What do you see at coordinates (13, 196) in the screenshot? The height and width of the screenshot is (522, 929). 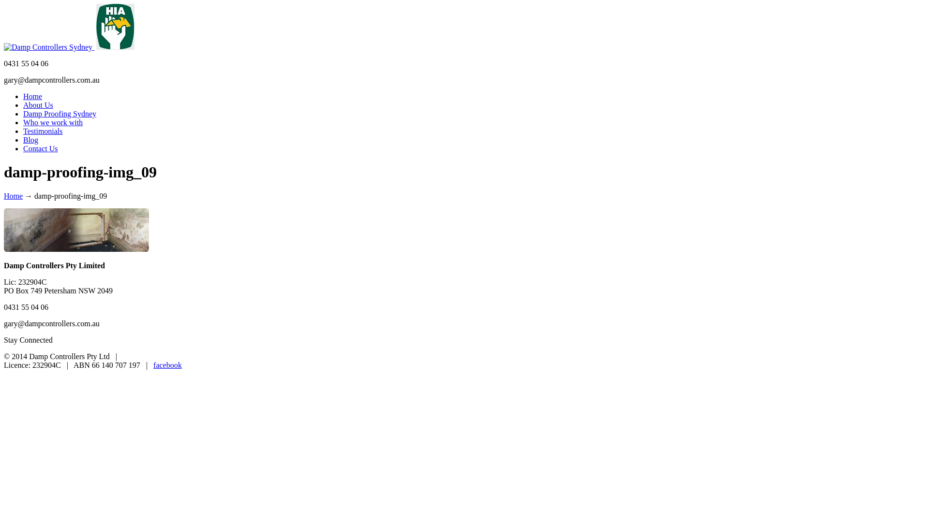 I see `'Home'` at bounding box center [13, 196].